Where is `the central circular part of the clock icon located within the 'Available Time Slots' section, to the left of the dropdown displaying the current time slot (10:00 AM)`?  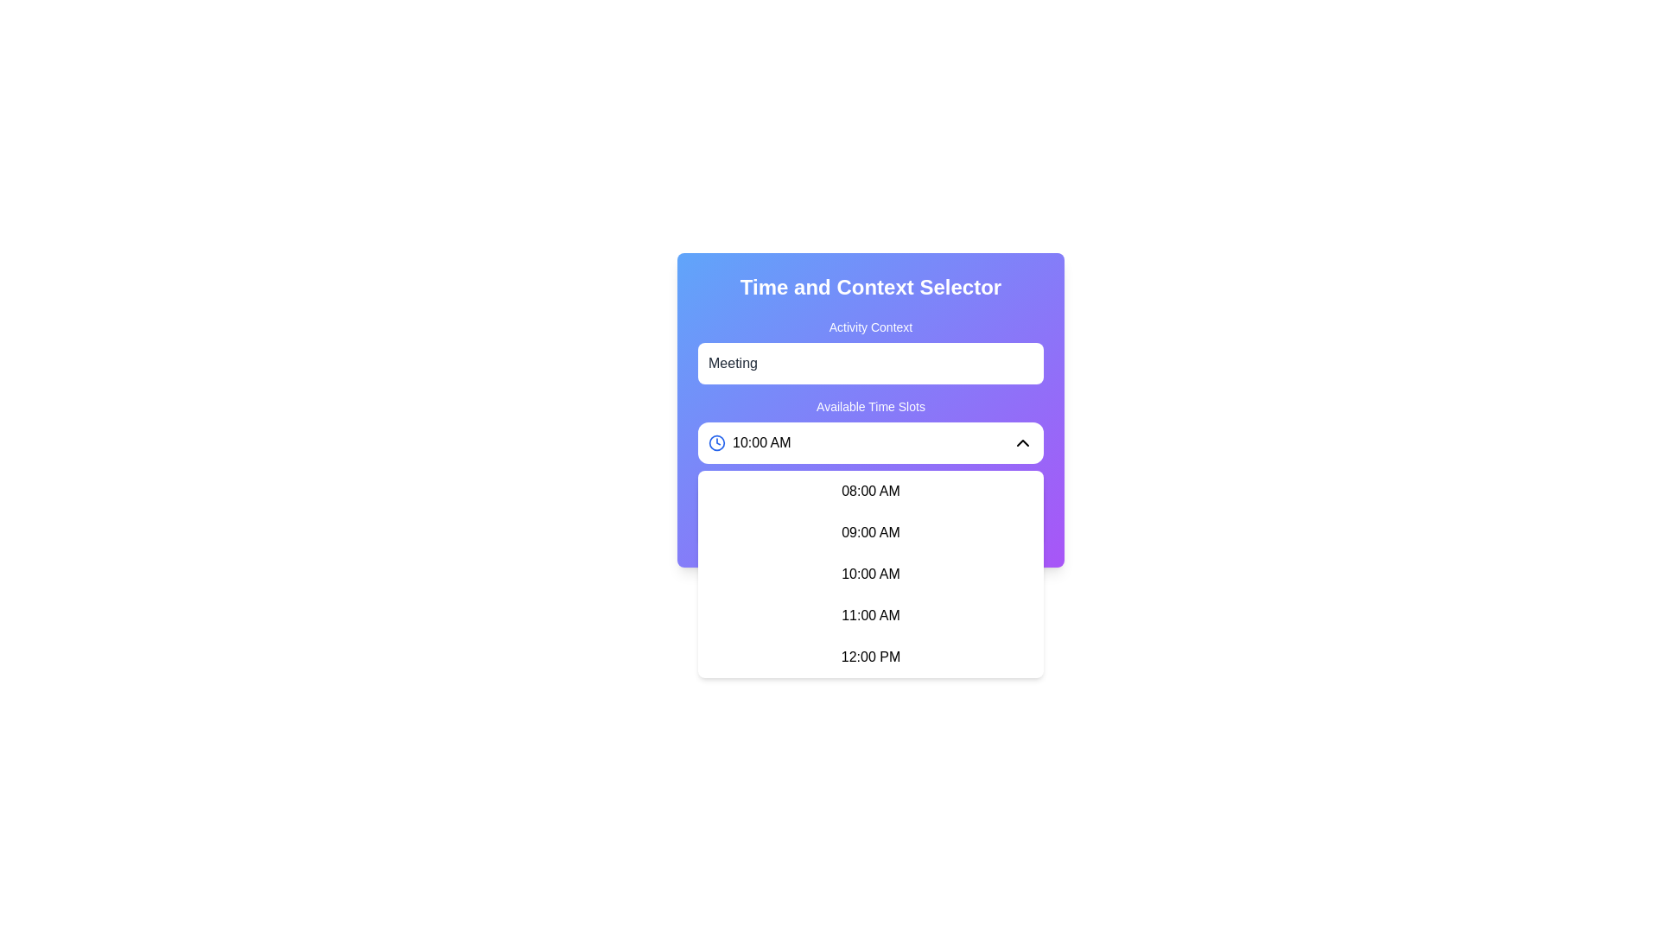 the central circular part of the clock icon located within the 'Available Time Slots' section, to the left of the dropdown displaying the current time slot (10:00 AM) is located at coordinates (717, 441).